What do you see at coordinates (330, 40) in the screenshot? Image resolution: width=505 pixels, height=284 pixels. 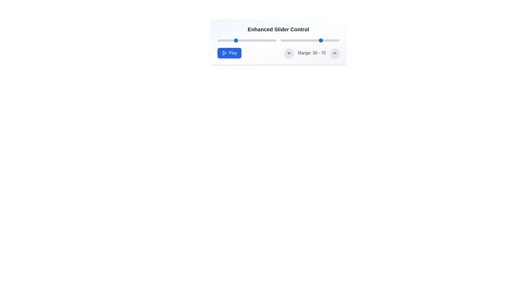 I see `the slider value` at bounding box center [330, 40].